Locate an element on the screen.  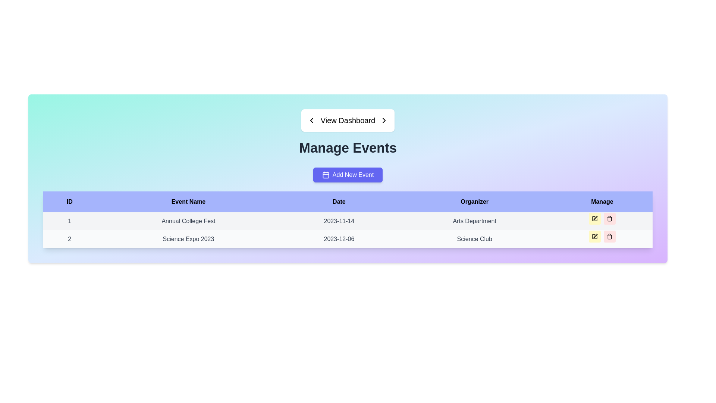
the small yellow button with a pen icon in the 'Manage' column is located at coordinates (594, 218).